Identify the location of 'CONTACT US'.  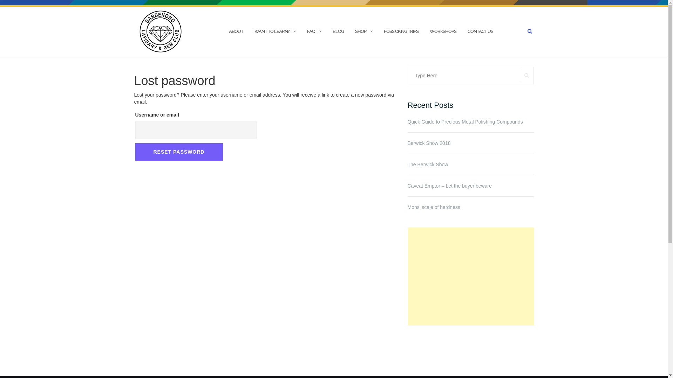
(480, 31).